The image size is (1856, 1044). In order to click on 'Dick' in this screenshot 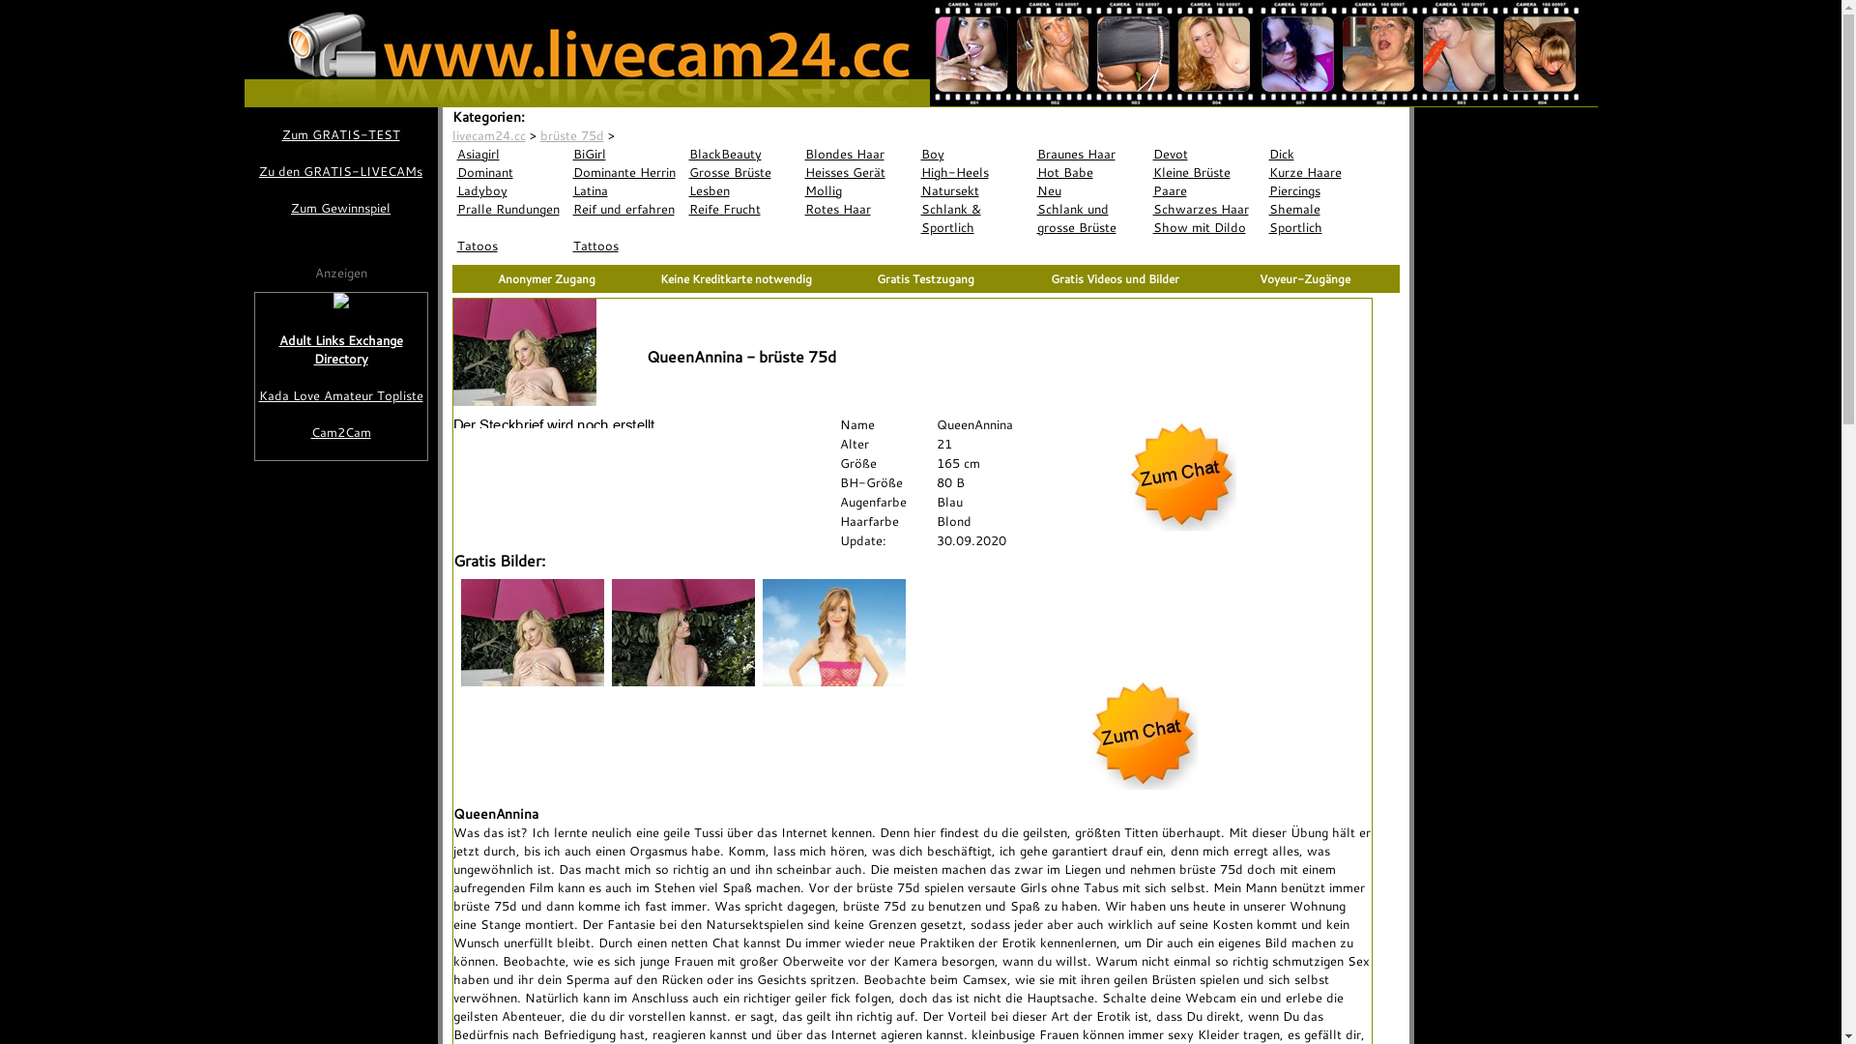, I will do `click(1321, 153)`.